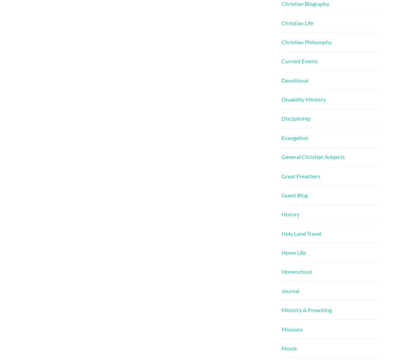 The height and width of the screenshot is (364, 401). Describe the element at coordinates (294, 194) in the screenshot. I see `'Guest Blog'` at that location.